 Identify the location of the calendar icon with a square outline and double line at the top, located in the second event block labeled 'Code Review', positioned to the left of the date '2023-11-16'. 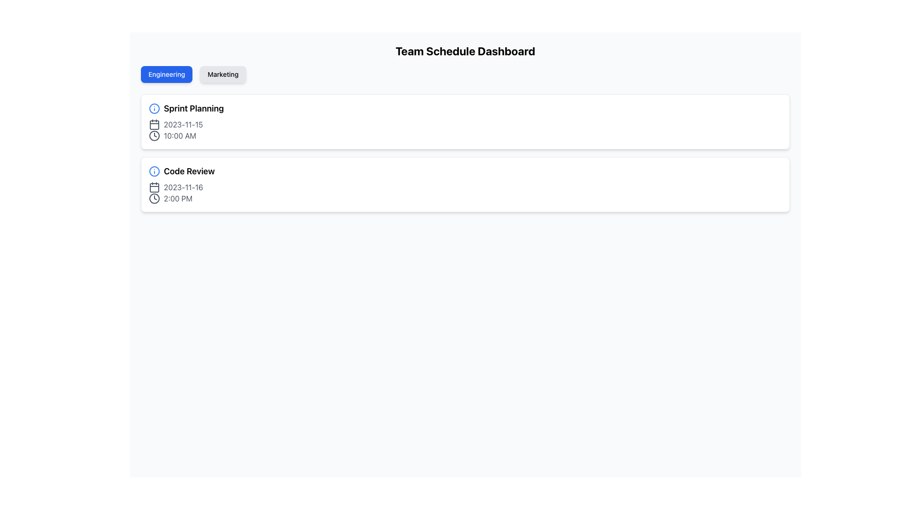
(155, 187).